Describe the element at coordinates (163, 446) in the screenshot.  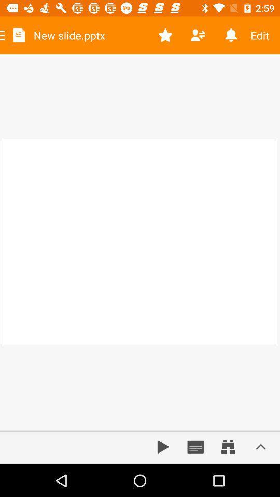
I see `the play icon` at that location.